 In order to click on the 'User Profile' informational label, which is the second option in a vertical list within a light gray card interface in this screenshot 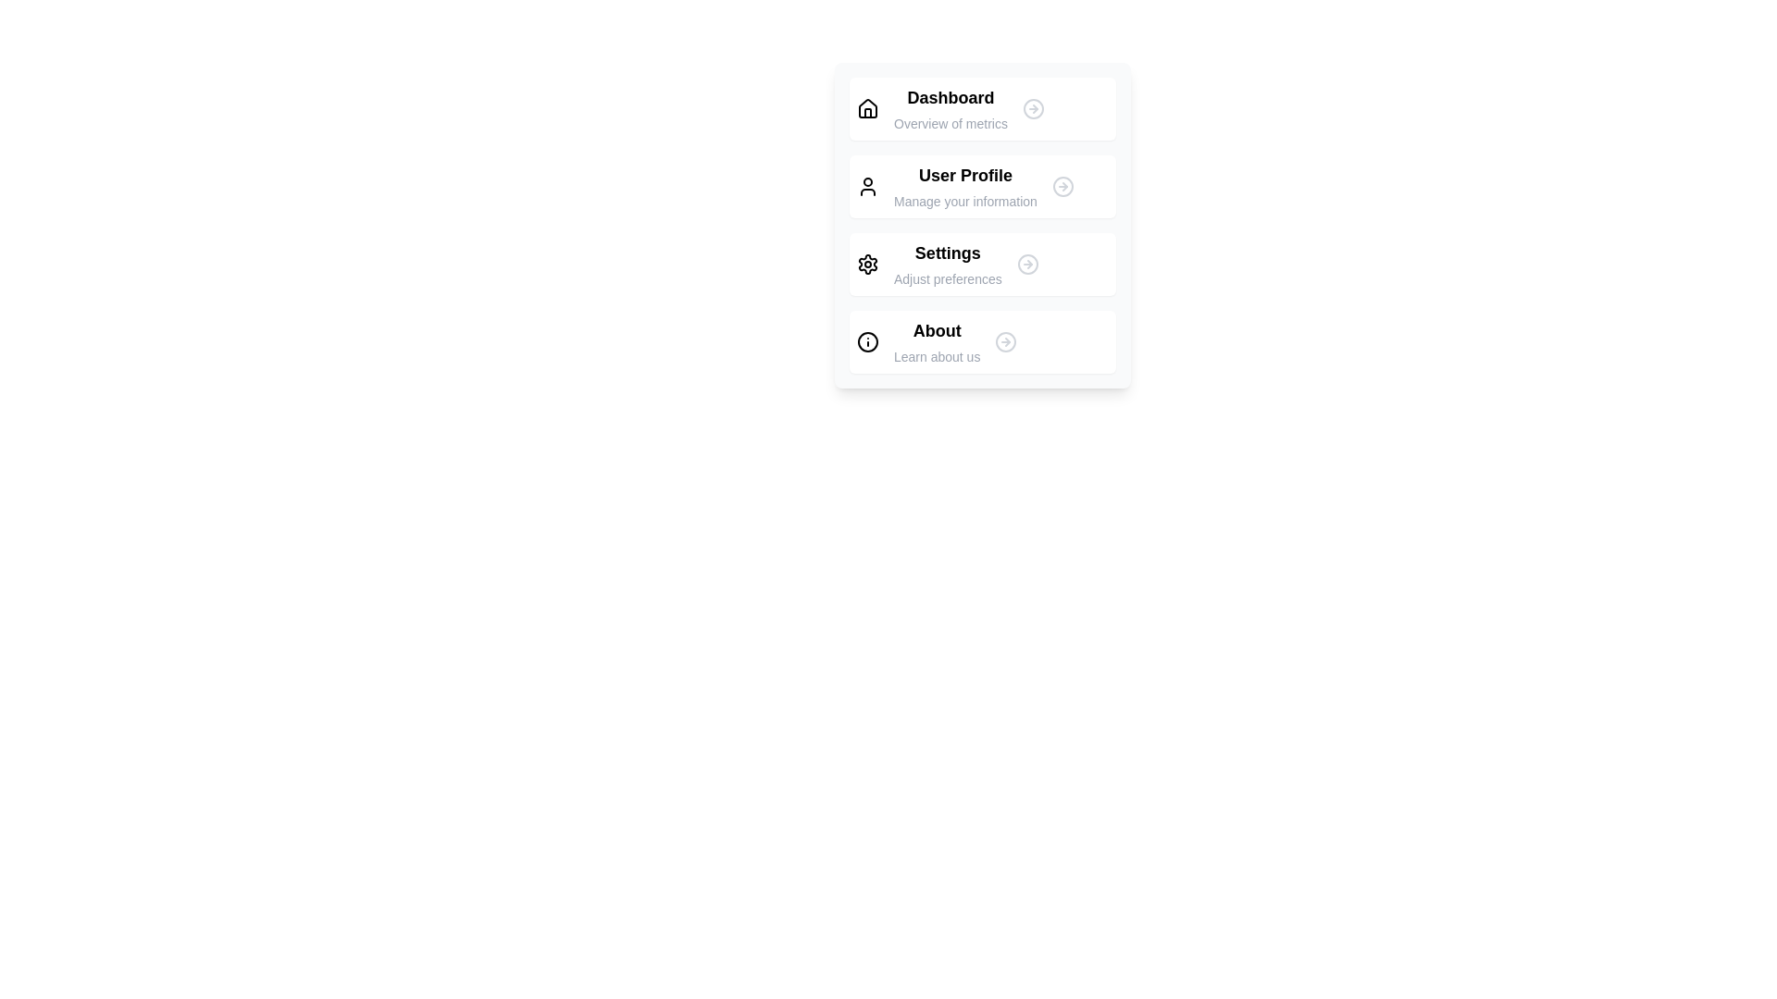, I will do `click(964, 186)`.